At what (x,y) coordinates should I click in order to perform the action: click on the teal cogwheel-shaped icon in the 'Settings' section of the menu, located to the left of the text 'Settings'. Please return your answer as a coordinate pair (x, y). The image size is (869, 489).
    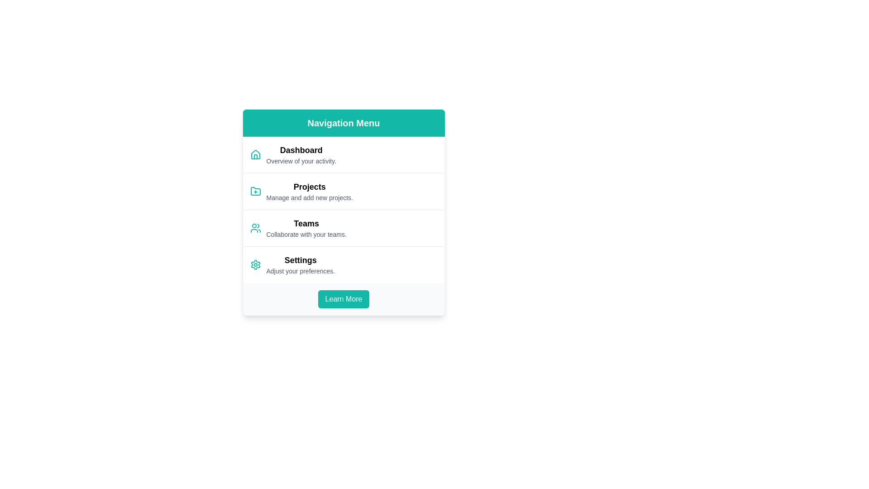
    Looking at the image, I should click on (255, 265).